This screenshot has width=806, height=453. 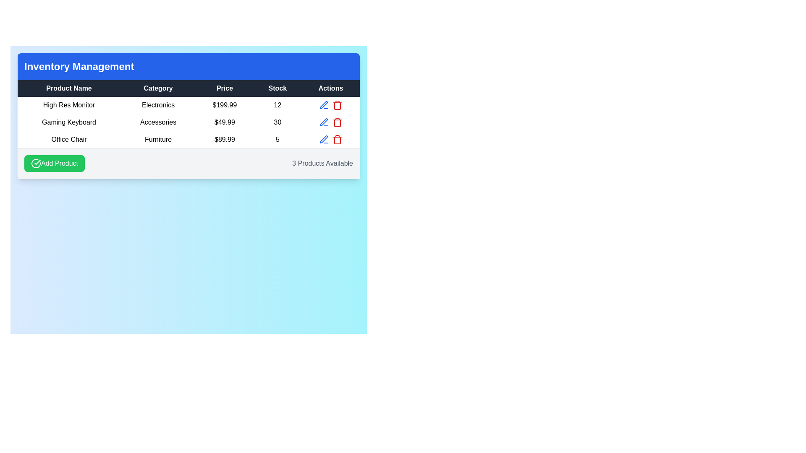 I want to click on the 'Actions' column header, which is the fifth header in a row of column headers including 'Product Name', 'Category', 'Price', 'Stock', and 'Actions', so click(x=330, y=89).